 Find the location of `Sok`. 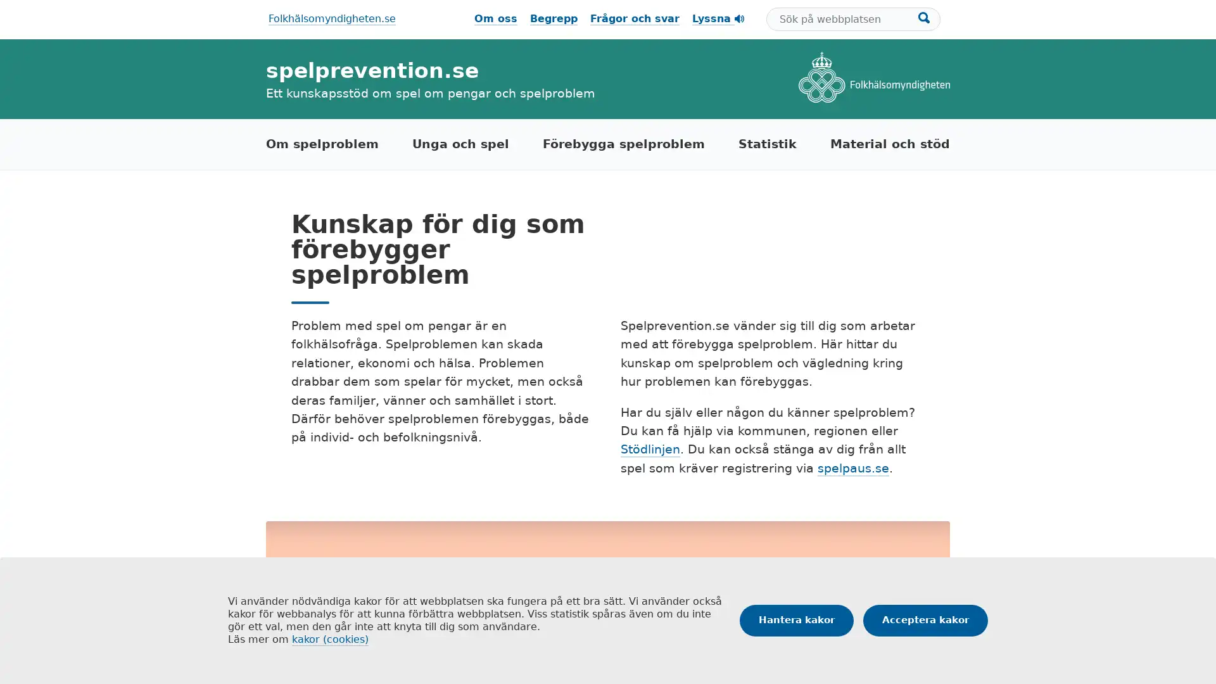

Sok is located at coordinates (924, 17).